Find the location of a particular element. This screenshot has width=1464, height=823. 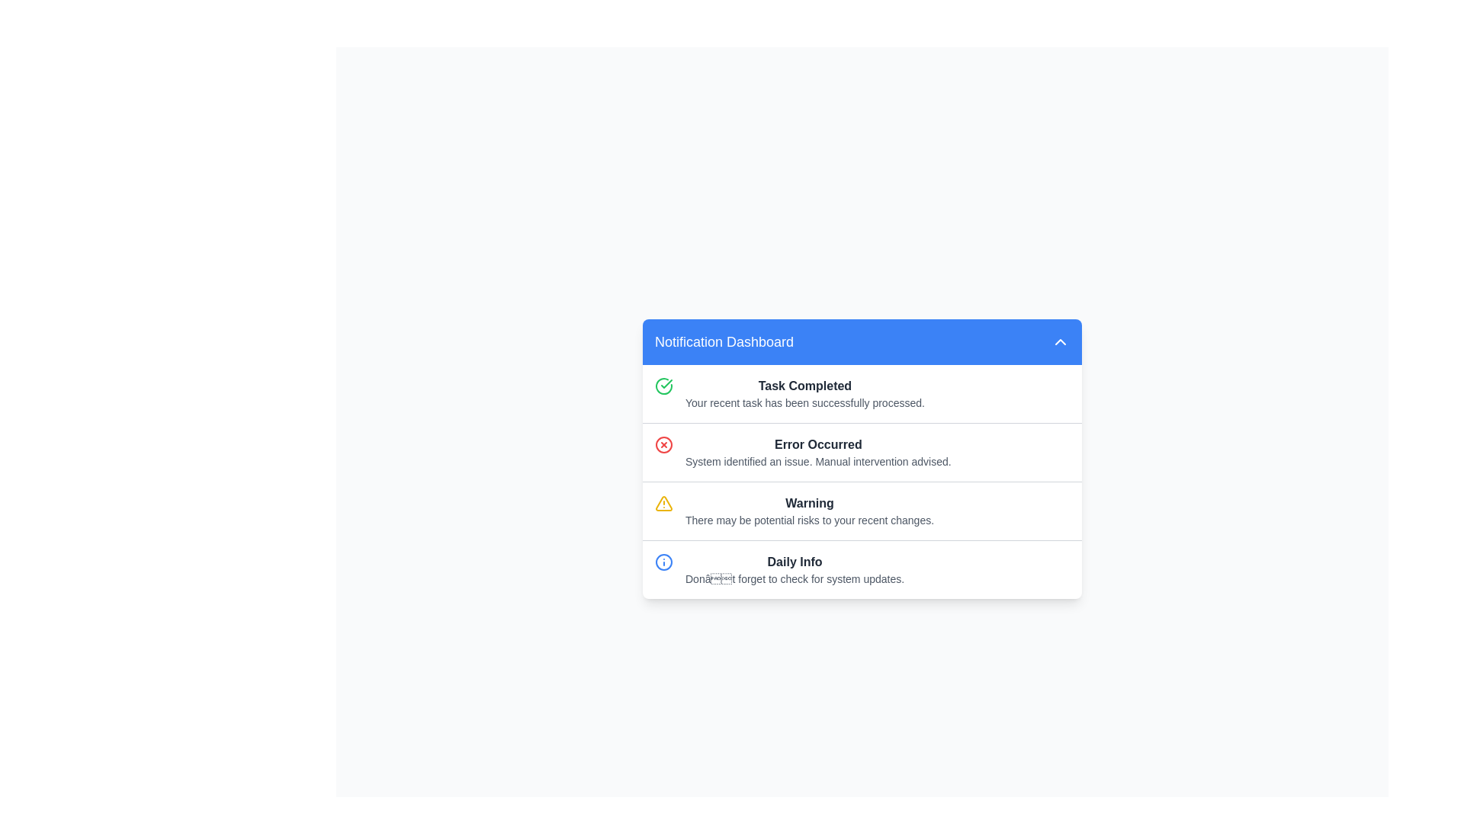

the downward-pointing triangle icon with a yellow outline in the warning section of the Notification Dashboard, which is aligned with the text 'There may be potential risks to your recent changes.' is located at coordinates (663, 503).